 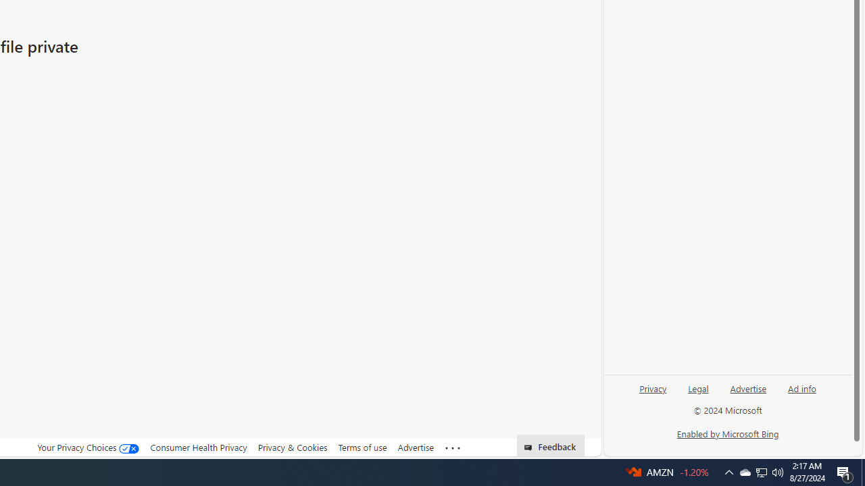 I want to click on 'Your Privacy Choices', so click(x=88, y=447).